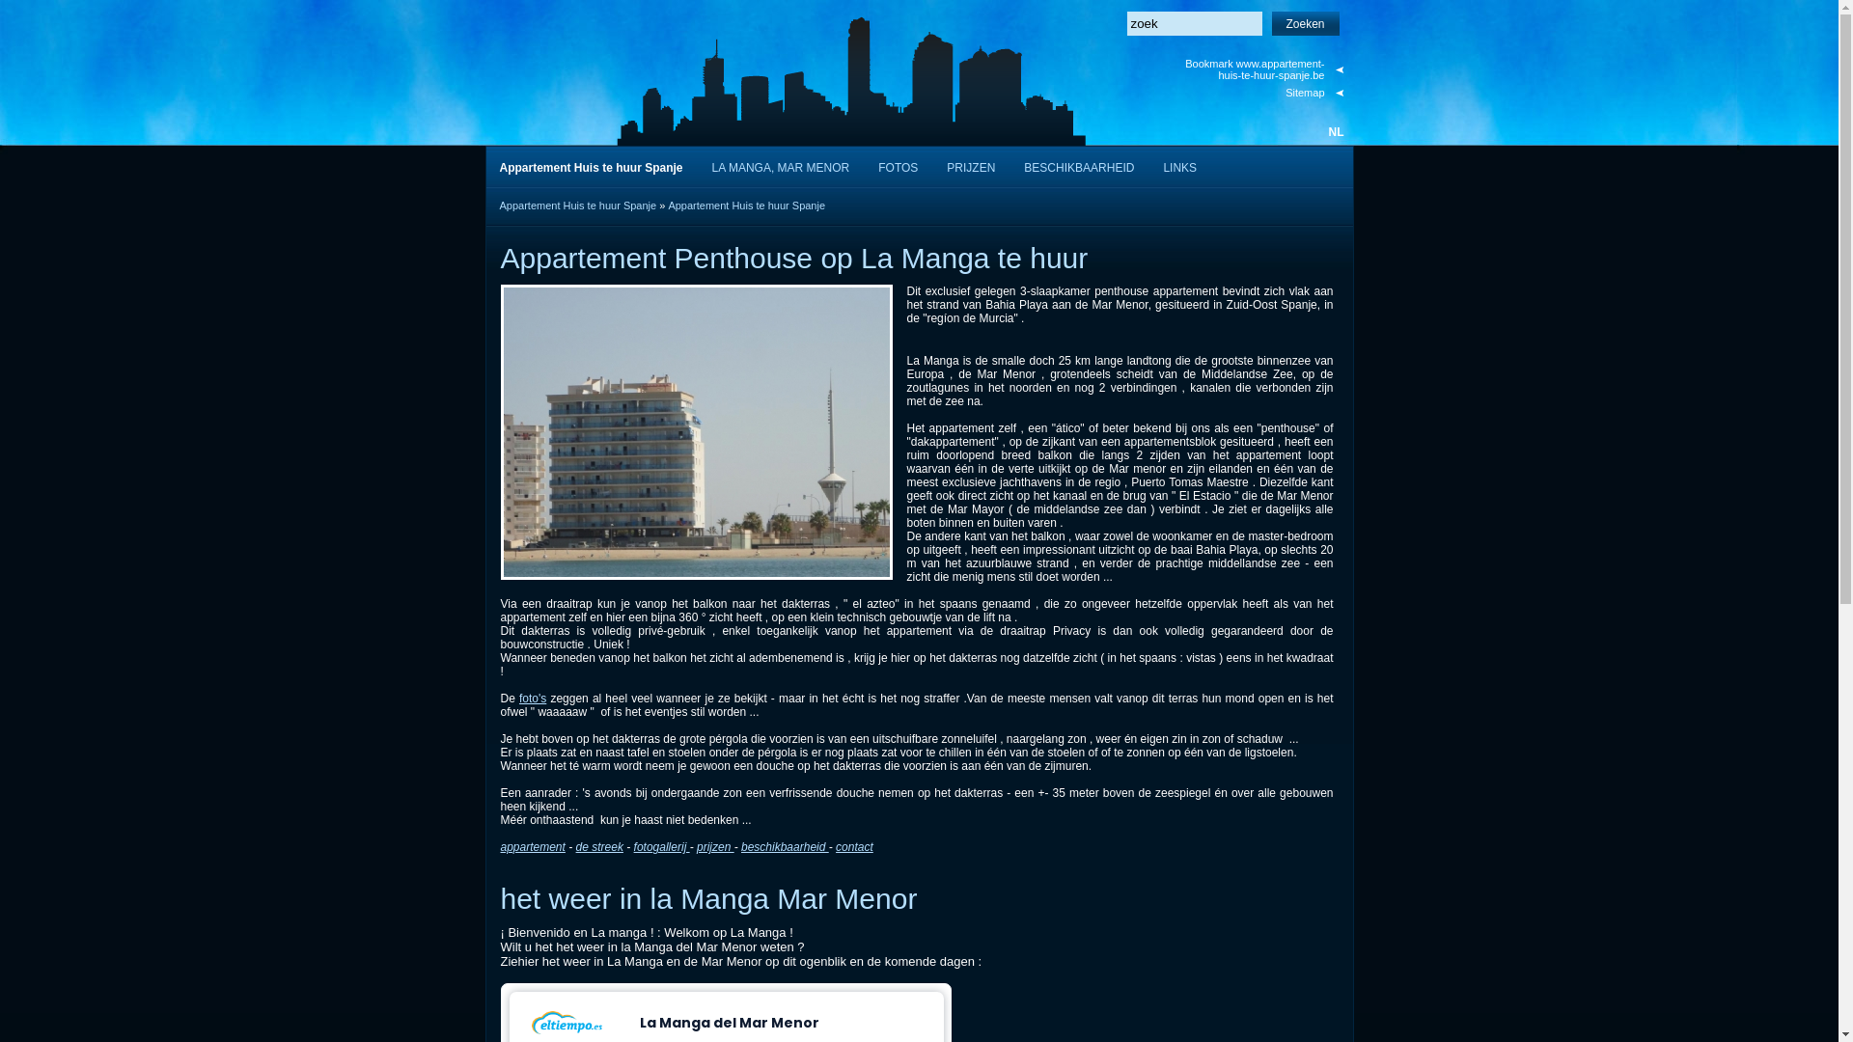 This screenshot has width=1853, height=1042. What do you see at coordinates (1262, 69) in the screenshot?
I see `'Bookmark www.appartement-huis-te-huur-spanje.be'` at bounding box center [1262, 69].